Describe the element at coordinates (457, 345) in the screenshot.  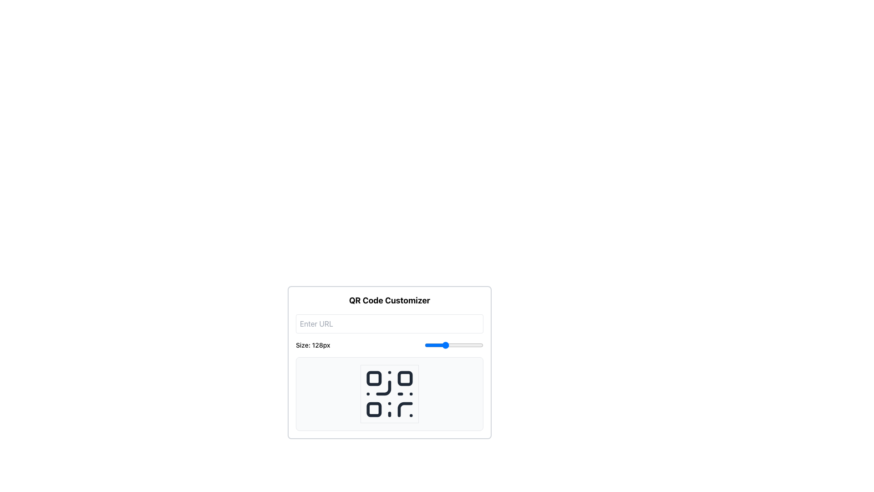
I see `the slider value` at that location.